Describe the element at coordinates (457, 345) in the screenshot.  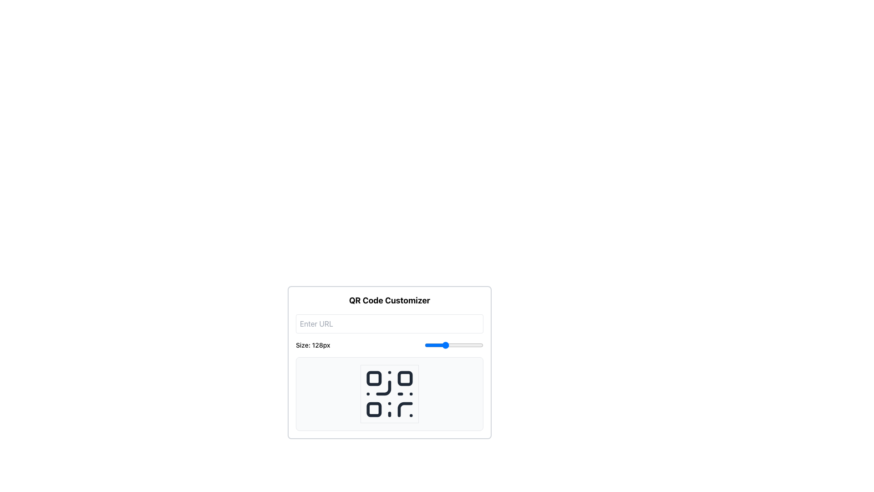
I see `the slider value` at that location.